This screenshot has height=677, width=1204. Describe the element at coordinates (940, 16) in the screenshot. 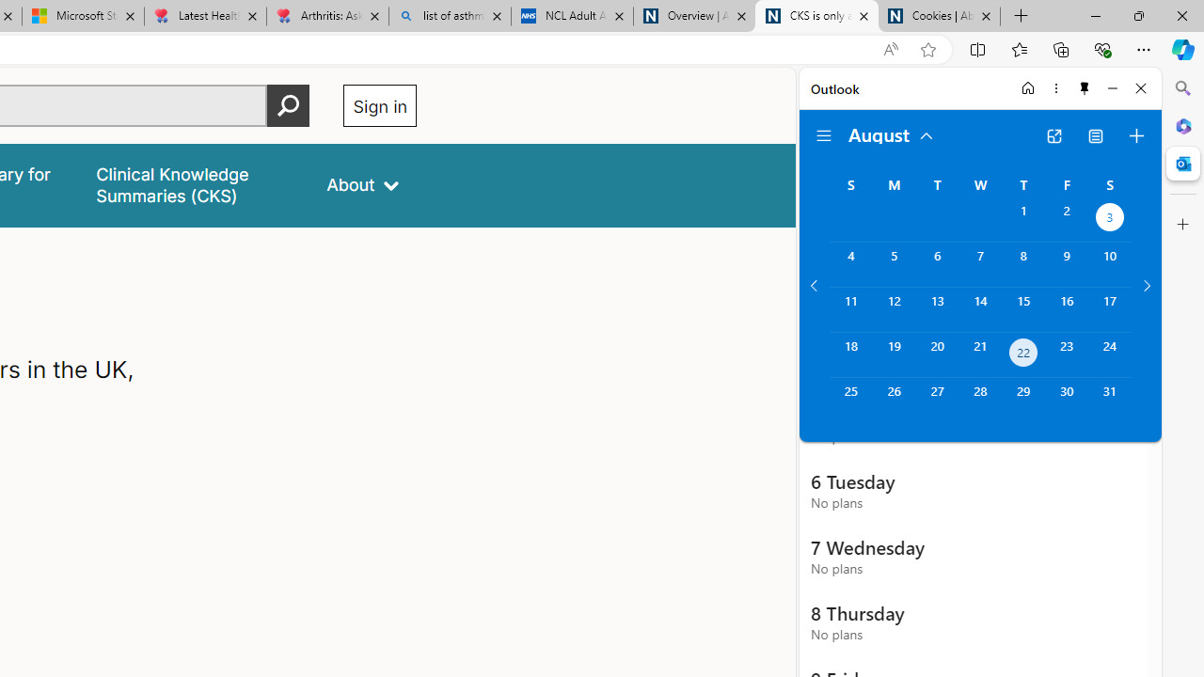

I see `'Cookies | About | NICE'` at that location.